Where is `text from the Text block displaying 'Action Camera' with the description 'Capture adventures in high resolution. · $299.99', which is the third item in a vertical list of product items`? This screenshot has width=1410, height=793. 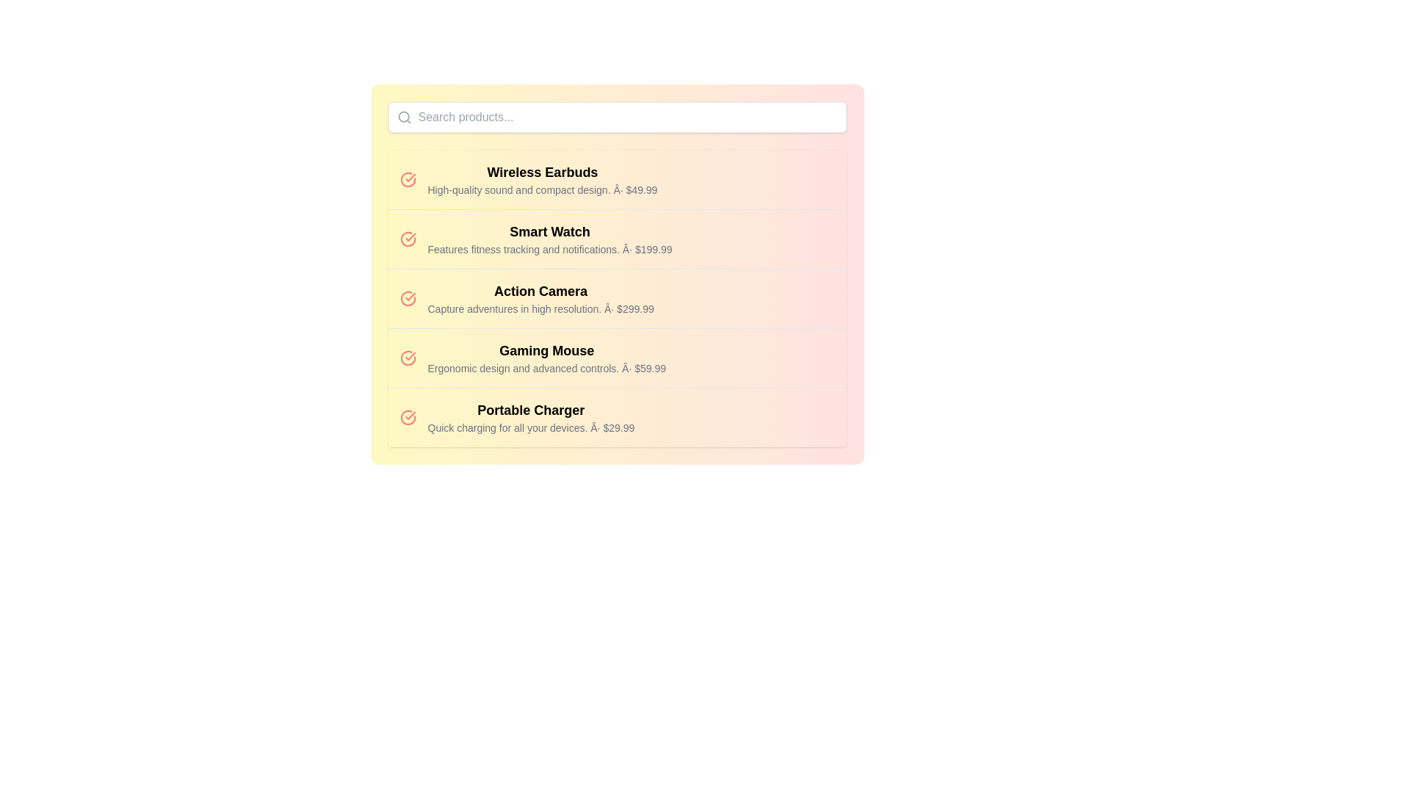 text from the Text block displaying 'Action Camera' with the description 'Capture adventures in high resolution. · $299.99', which is the third item in a vertical list of product items is located at coordinates (540, 298).